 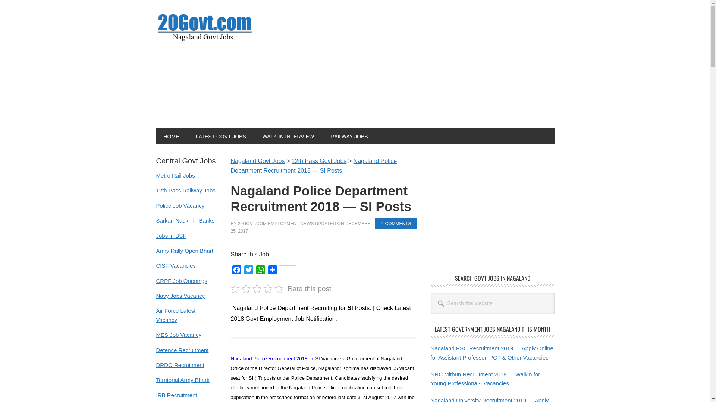 What do you see at coordinates (182, 380) in the screenshot?
I see `'Territorial Army Bharti'` at bounding box center [182, 380].